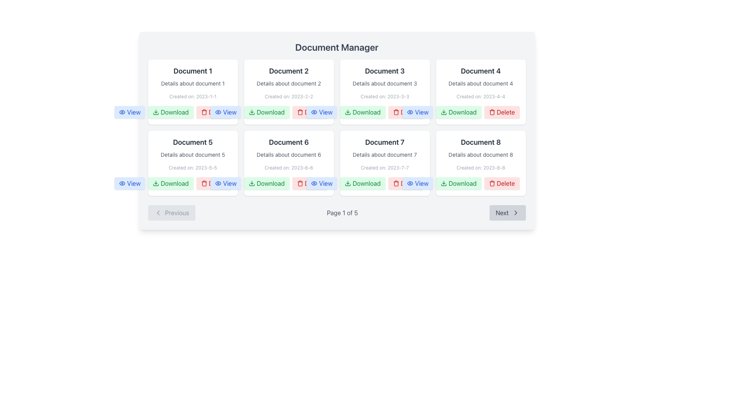 This screenshot has width=743, height=418. What do you see at coordinates (480, 163) in the screenshot?
I see `the 'Download' button on the document card located in the fourth column of the second row under the 'Document Manager' section to initiate the download of the document` at bounding box center [480, 163].